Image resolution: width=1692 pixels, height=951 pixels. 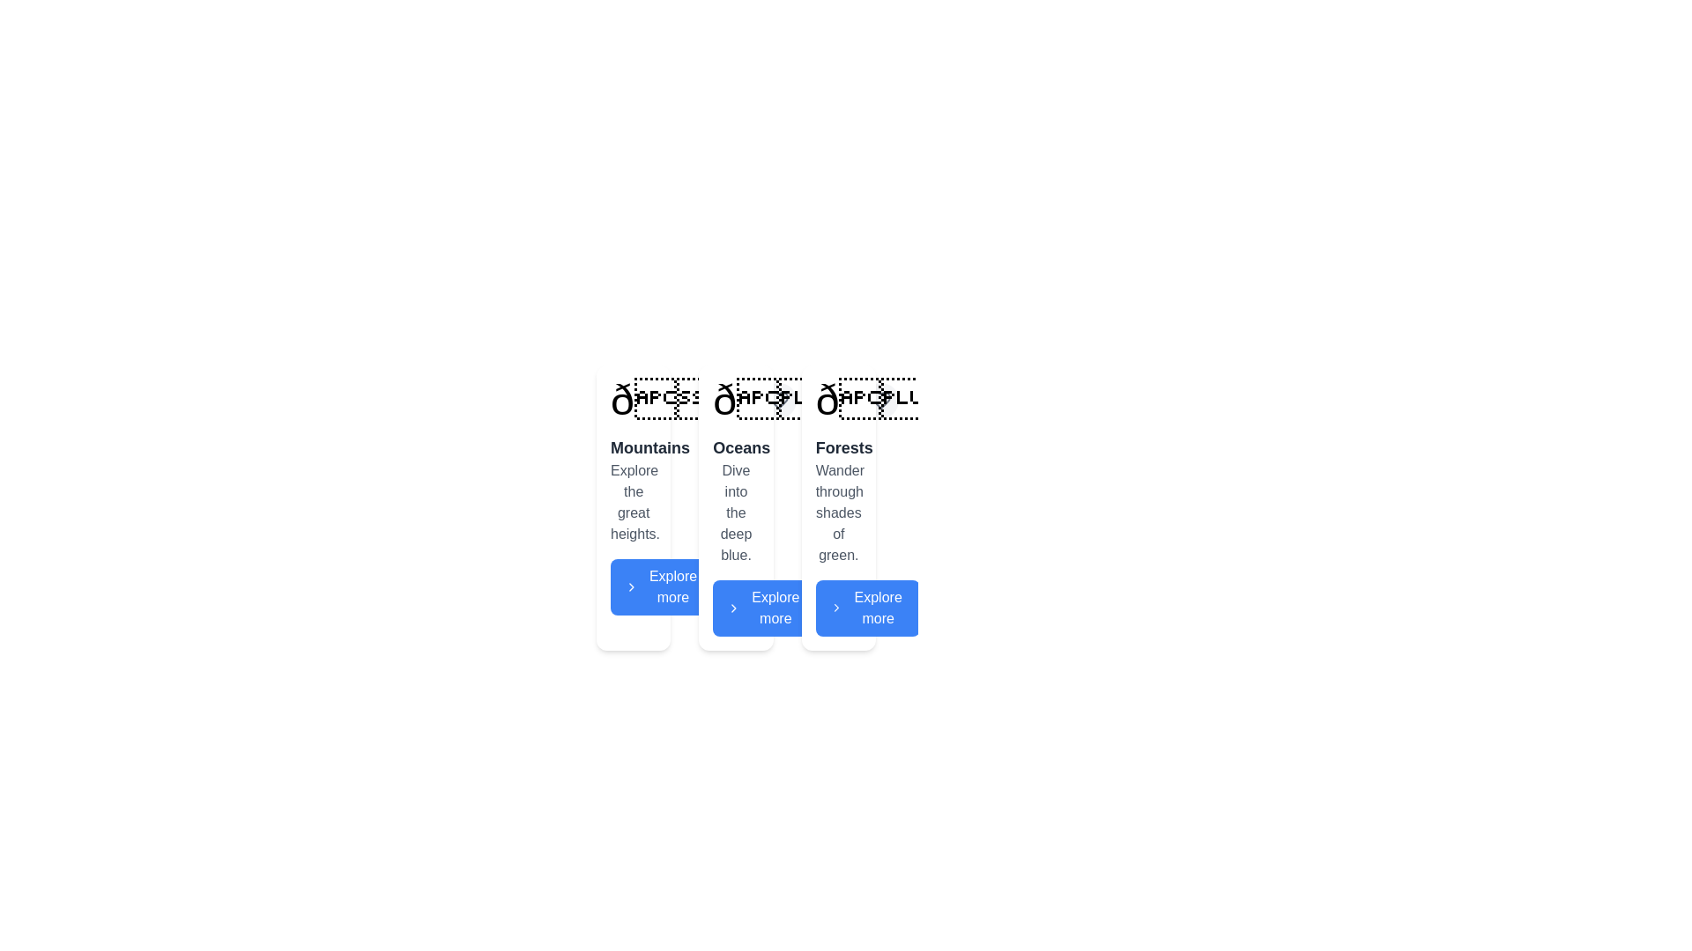 I want to click on the 'like' icon within the button component above the 'Forests' card, so click(x=880, y=401).